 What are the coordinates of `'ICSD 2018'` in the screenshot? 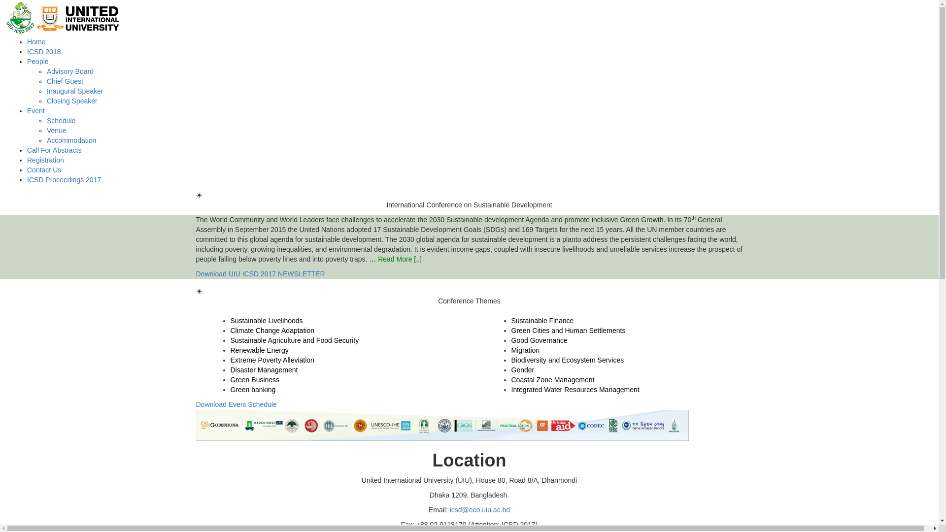 It's located at (43, 51).